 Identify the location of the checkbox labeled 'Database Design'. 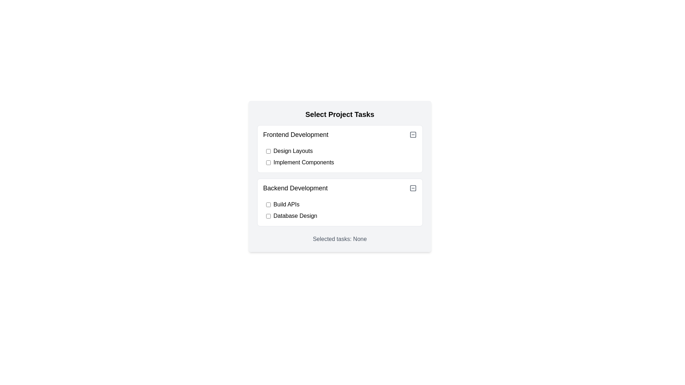
(344, 215).